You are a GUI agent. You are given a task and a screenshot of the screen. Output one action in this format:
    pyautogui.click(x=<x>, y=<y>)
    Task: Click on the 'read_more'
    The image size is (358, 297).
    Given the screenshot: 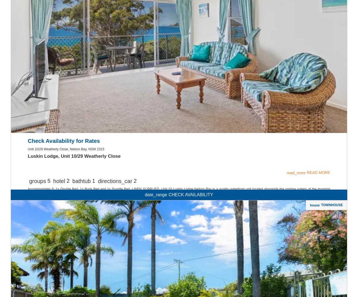 What is the action you would take?
    pyautogui.click(x=296, y=243)
    